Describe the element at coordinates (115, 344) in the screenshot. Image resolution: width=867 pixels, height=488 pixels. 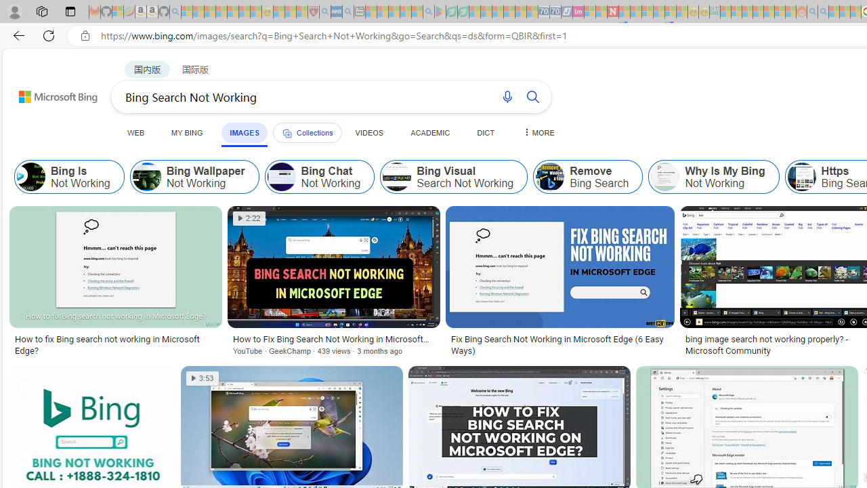
I see `'How to fix Bing search not working in Microsoft Edge?'` at that location.